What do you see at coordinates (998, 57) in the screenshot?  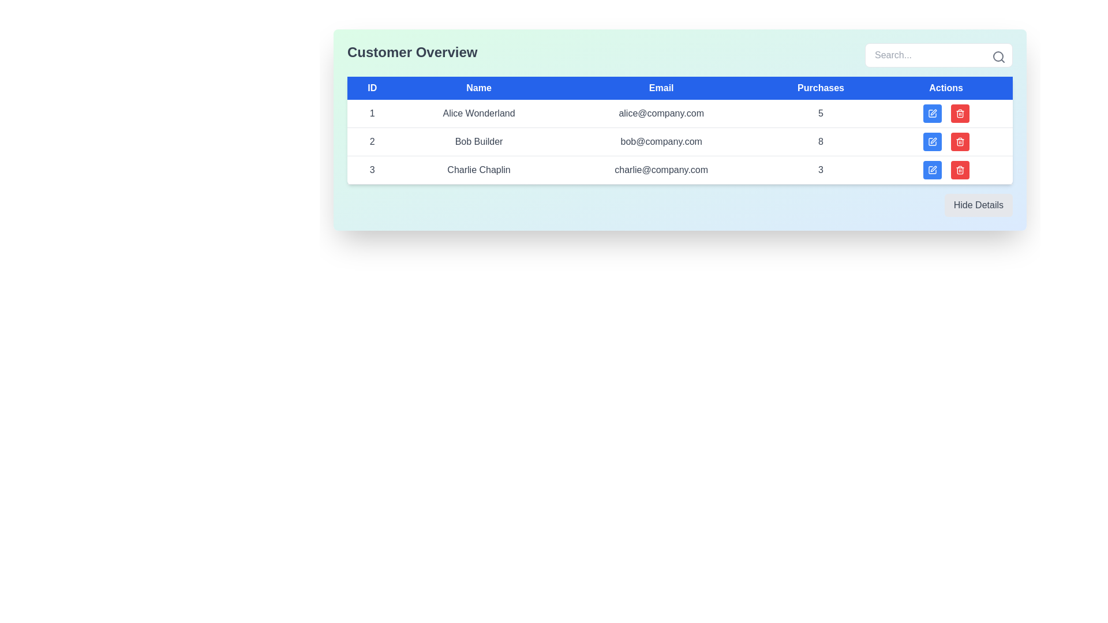 I see `the search icon resembling a magnifying glass located towards the top-right corner of the search input box with placeholder text 'Search...'` at bounding box center [998, 57].